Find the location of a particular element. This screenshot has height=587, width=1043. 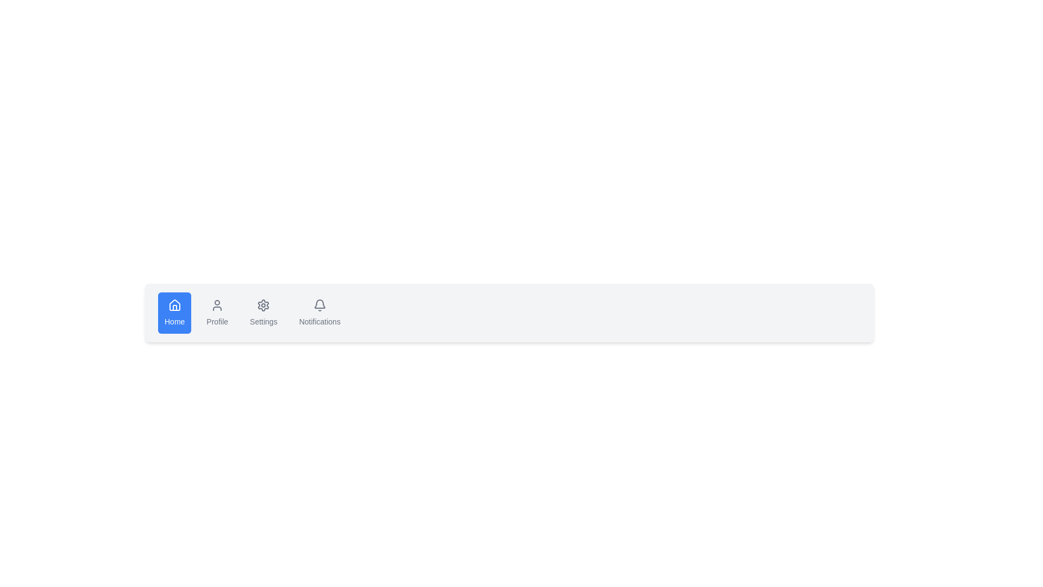

the 'Home' button with a blue background and a white house icon is located at coordinates (174, 313).